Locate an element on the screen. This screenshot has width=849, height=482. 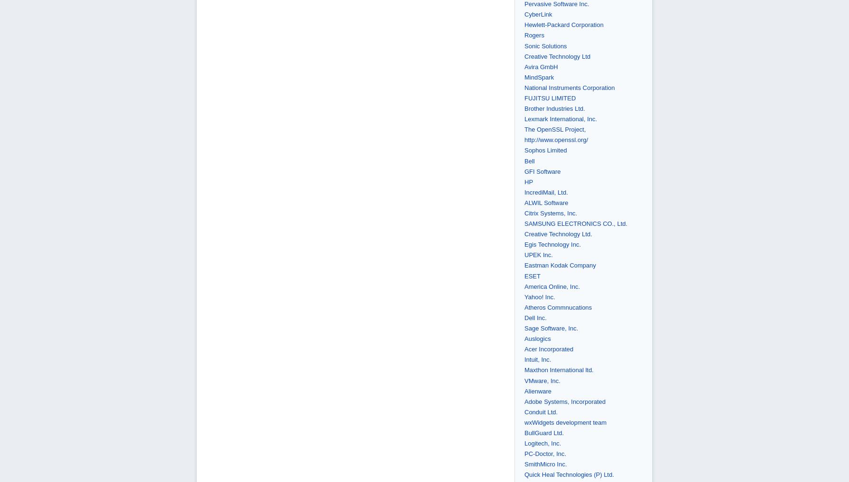
'Eastman Kodak Company' is located at coordinates (560, 265).